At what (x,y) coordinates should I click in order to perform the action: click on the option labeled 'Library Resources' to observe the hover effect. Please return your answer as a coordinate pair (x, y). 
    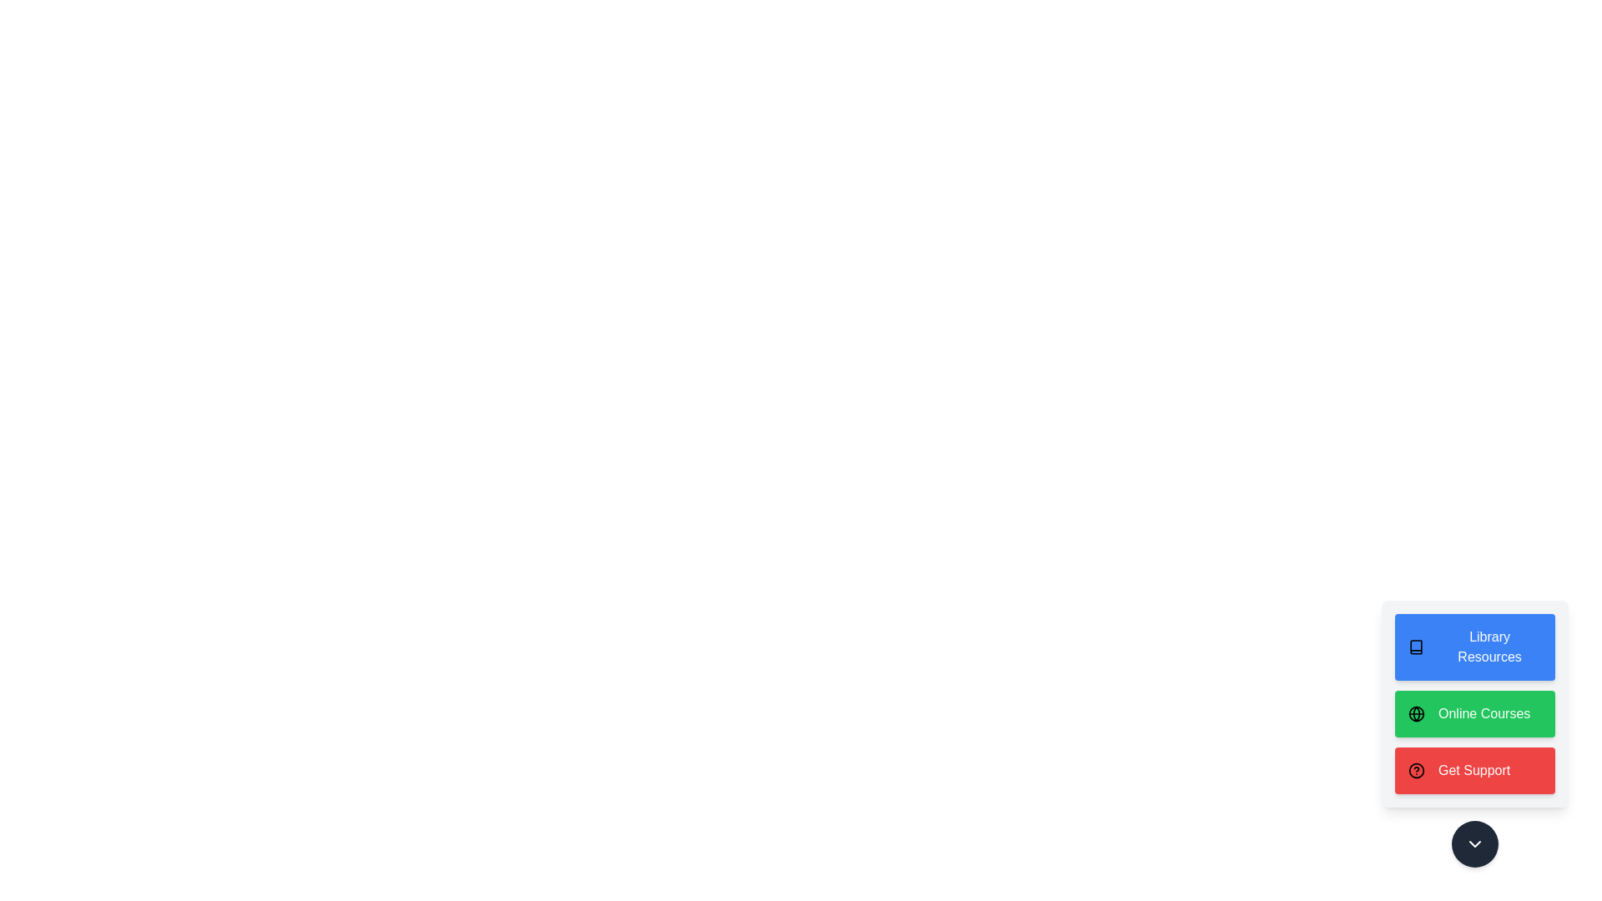
    Looking at the image, I should click on (1474, 646).